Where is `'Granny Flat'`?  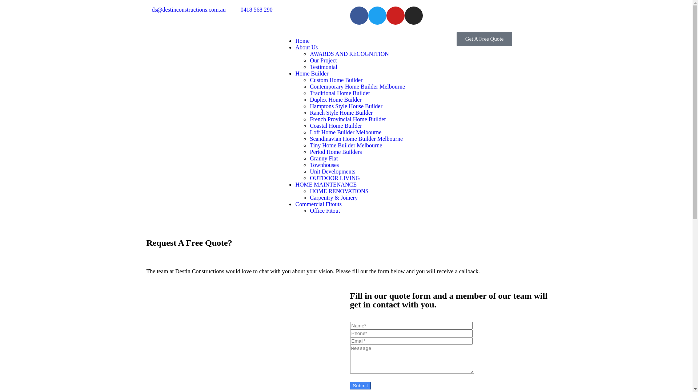
'Granny Flat' is located at coordinates (323, 158).